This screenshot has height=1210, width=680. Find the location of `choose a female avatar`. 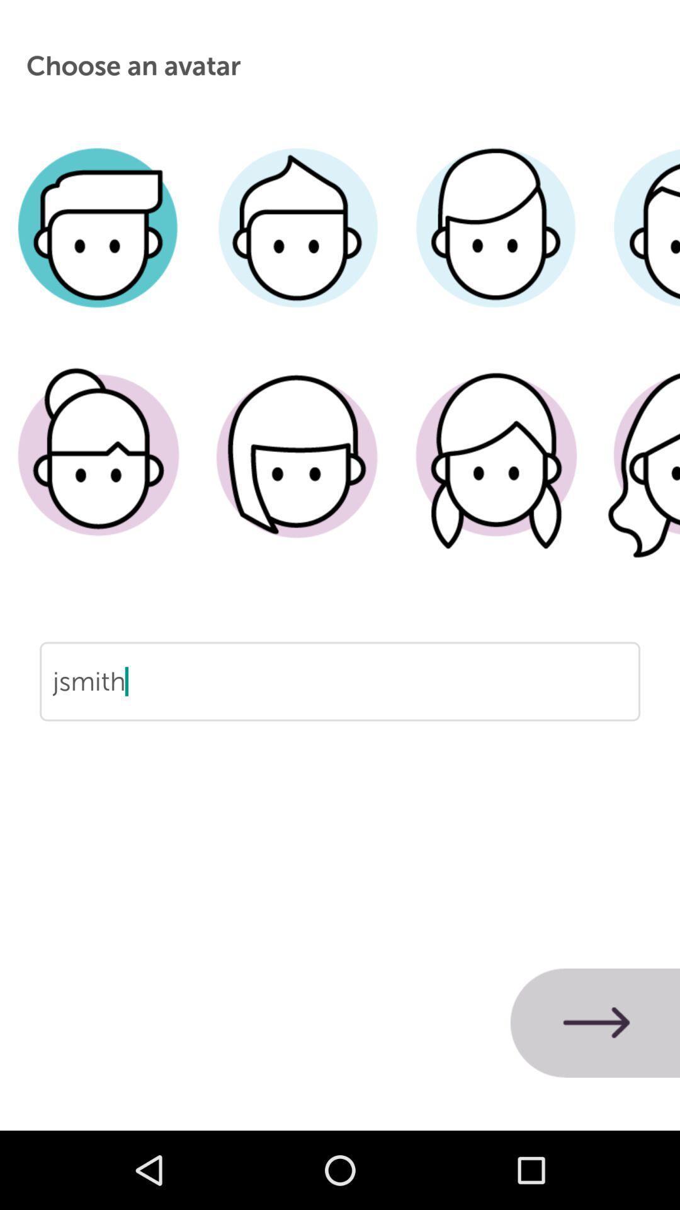

choose a female avatar is located at coordinates (495, 474).